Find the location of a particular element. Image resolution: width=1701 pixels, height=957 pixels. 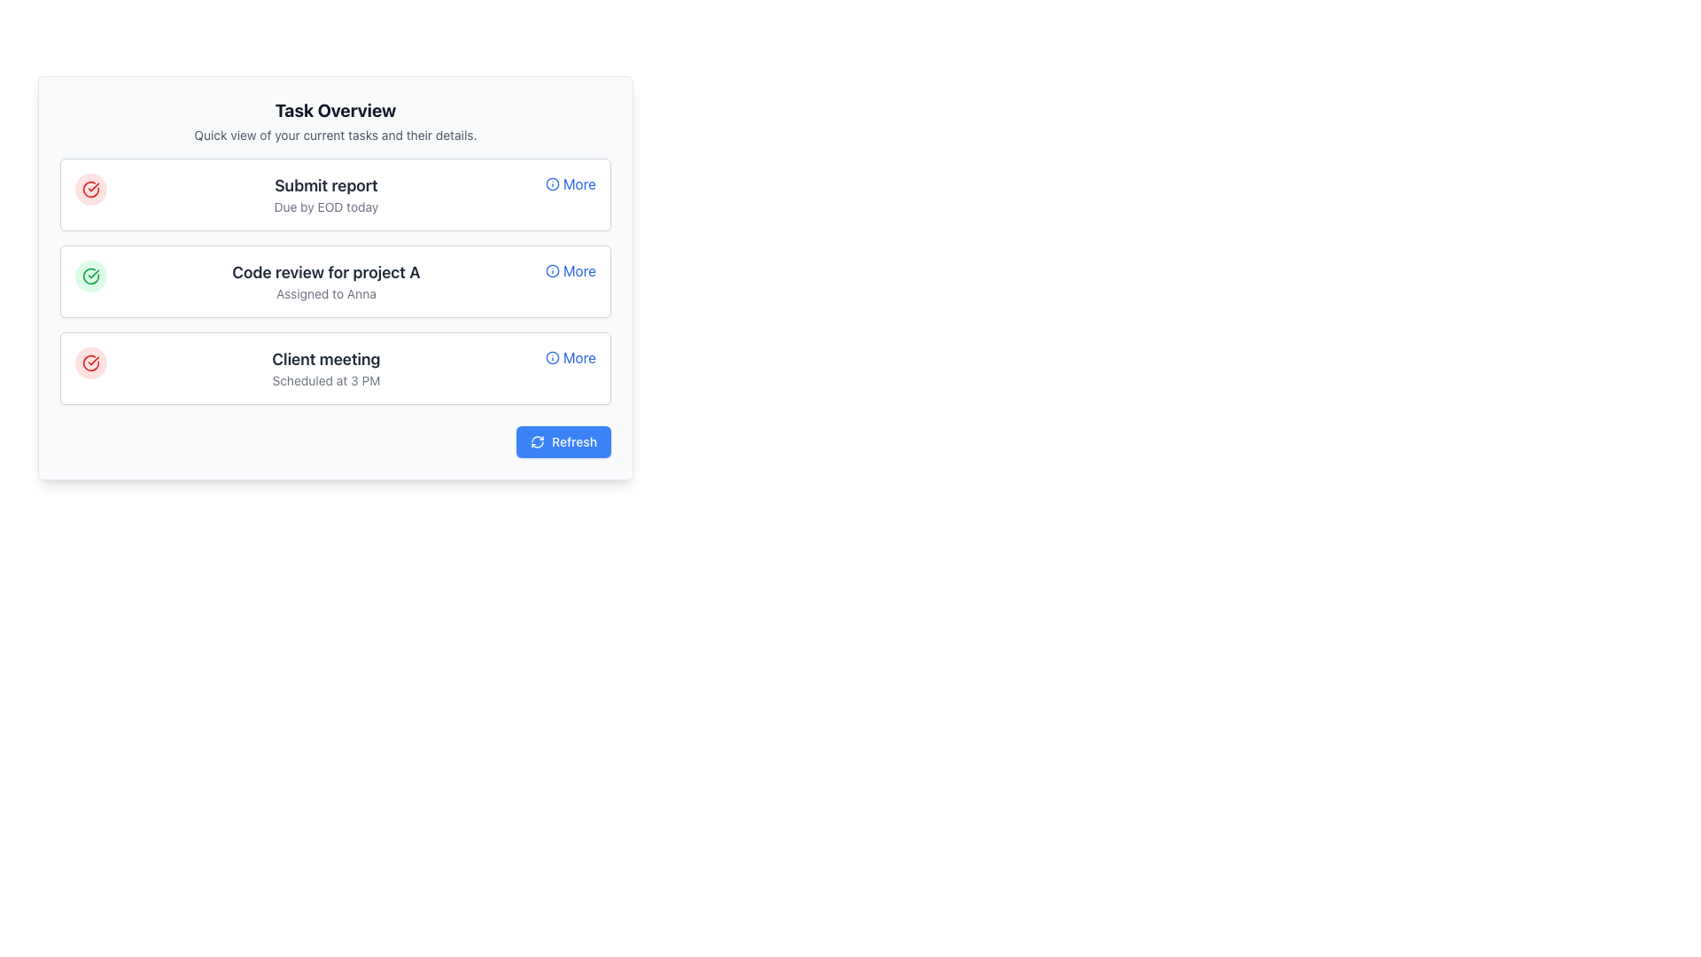

the 'More' text link, which is styled with blue text and is the rightmost item in the third list entry under the 'Client meeting' task is located at coordinates (579, 358).